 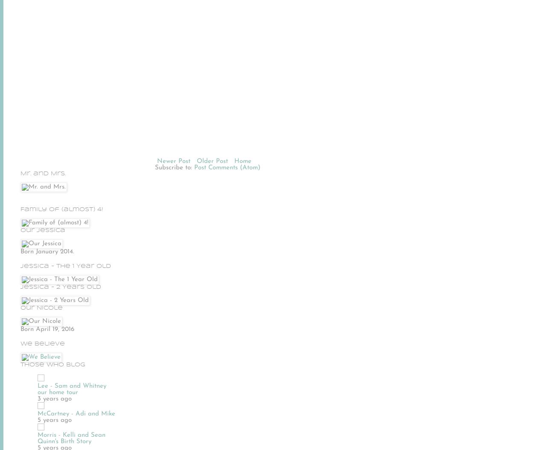 I want to click on 'Our Jessica', so click(x=43, y=229).